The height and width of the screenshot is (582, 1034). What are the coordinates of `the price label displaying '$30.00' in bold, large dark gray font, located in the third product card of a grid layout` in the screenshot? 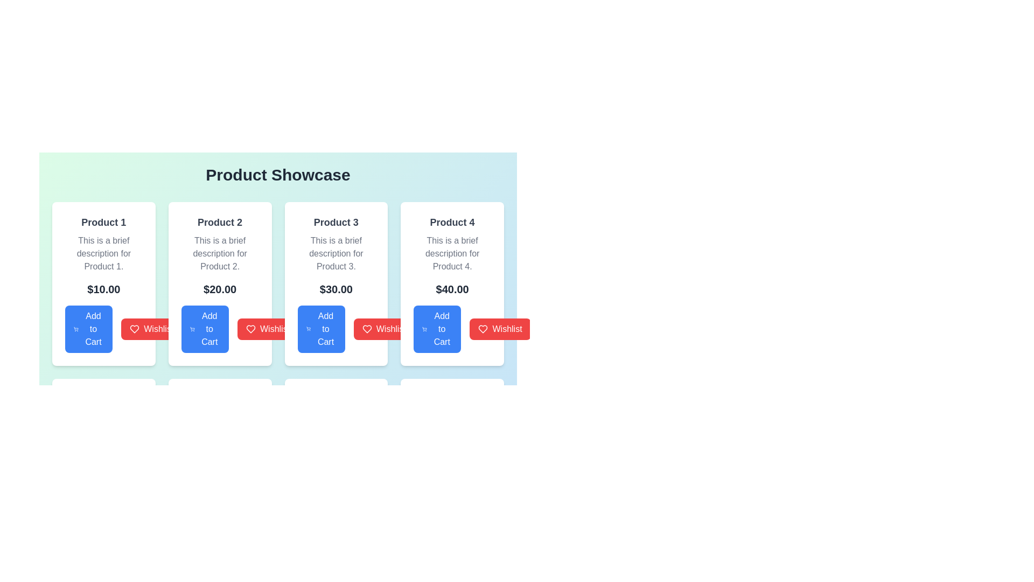 It's located at (336, 288).